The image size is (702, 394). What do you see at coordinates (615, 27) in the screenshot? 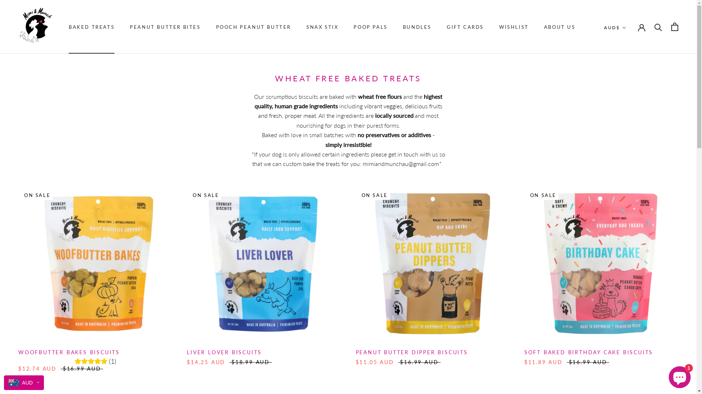
I see `'AUD$'` at bounding box center [615, 27].